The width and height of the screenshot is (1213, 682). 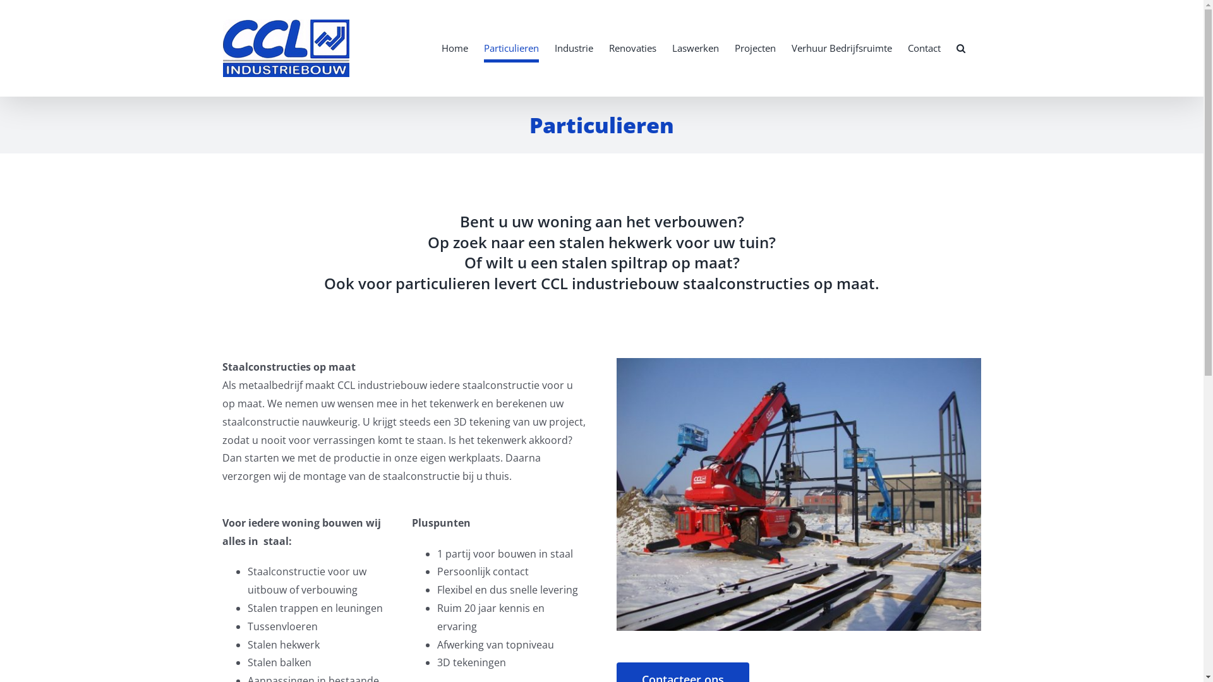 I want to click on 'Contact', so click(x=906, y=47).